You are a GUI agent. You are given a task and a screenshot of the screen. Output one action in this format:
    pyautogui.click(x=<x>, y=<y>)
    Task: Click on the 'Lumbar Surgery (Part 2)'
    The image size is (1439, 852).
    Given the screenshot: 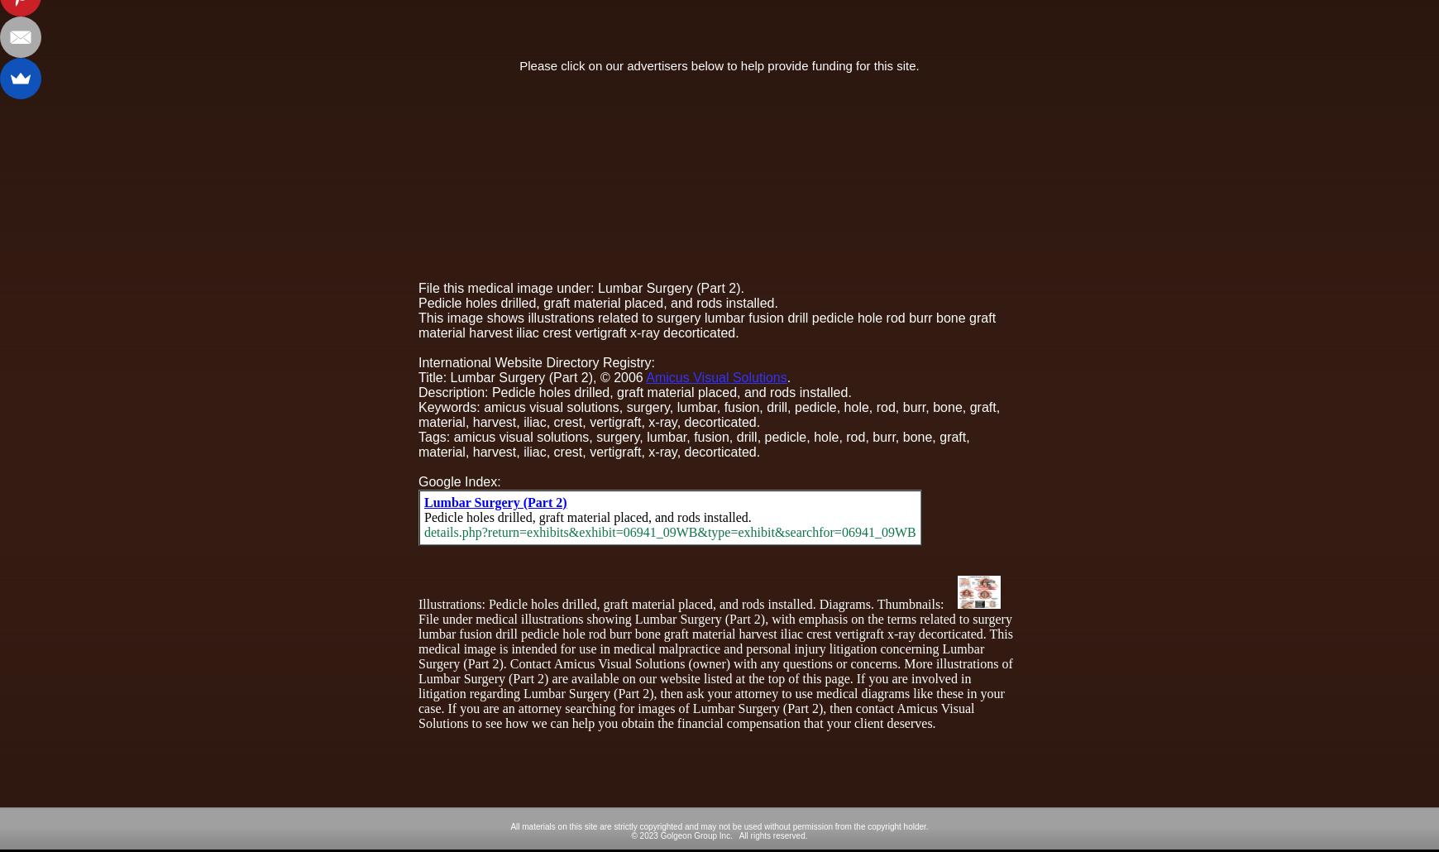 What is the action you would take?
    pyautogui.click(x=495, y=500)
    